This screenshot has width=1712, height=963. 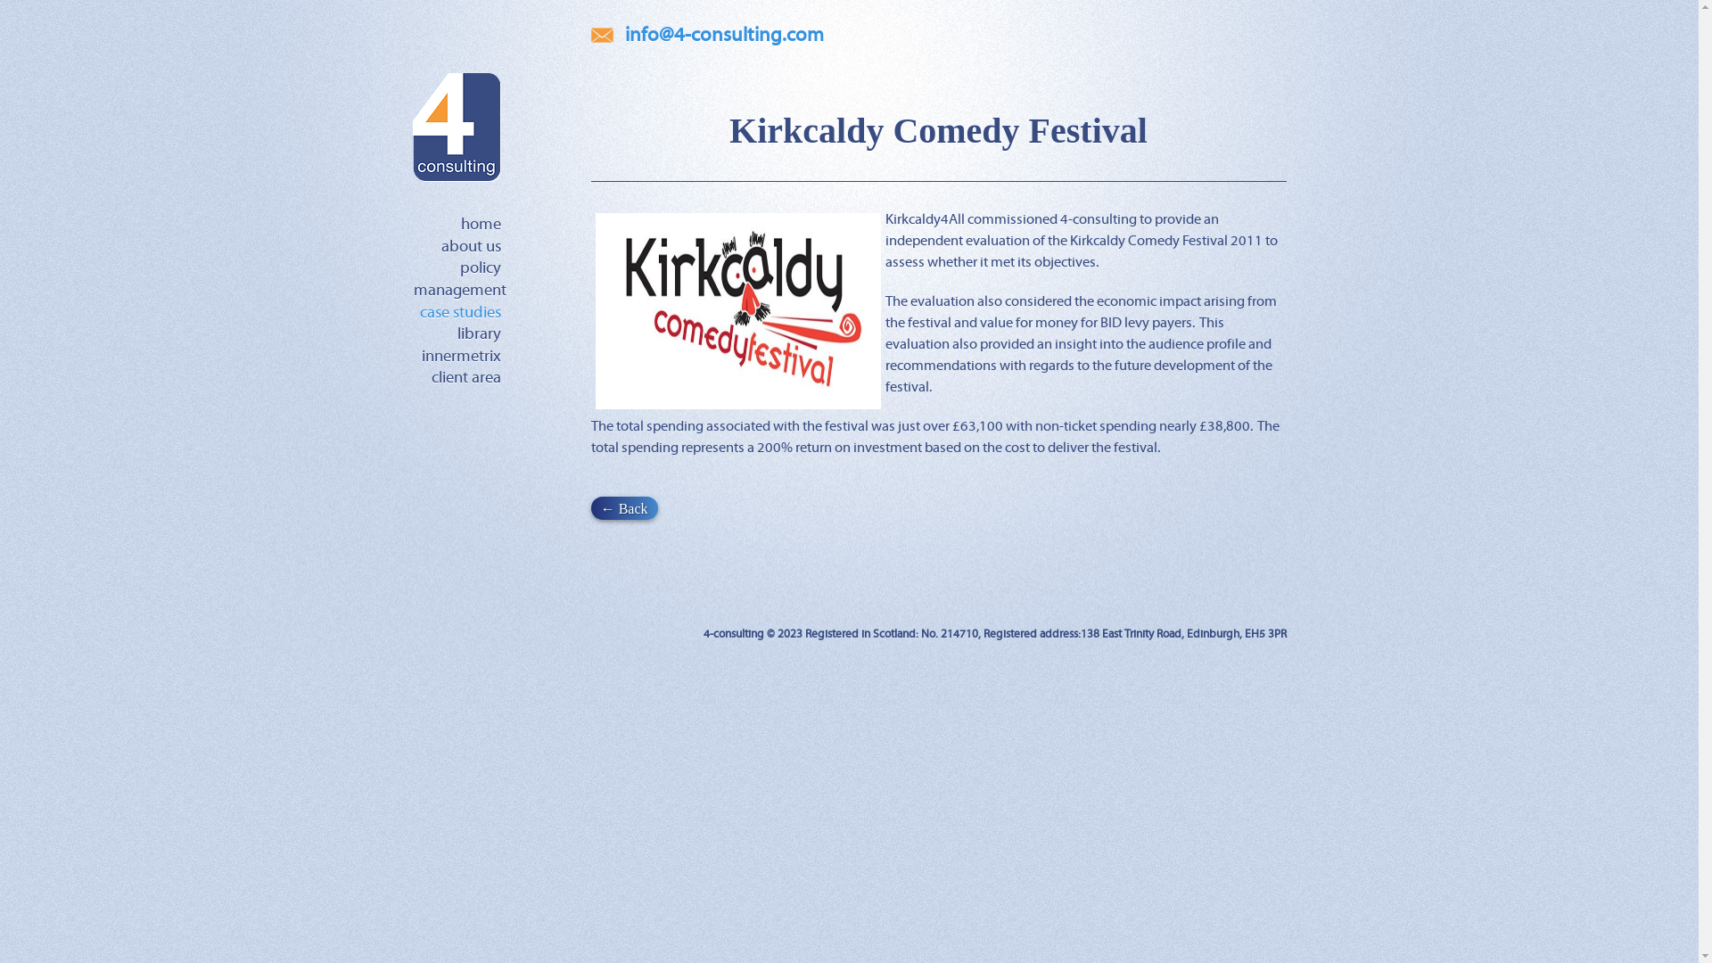 What do you see at coordinates (459, 223) in the screenshot?
I see `'home'` at bounding box center [459, 223].